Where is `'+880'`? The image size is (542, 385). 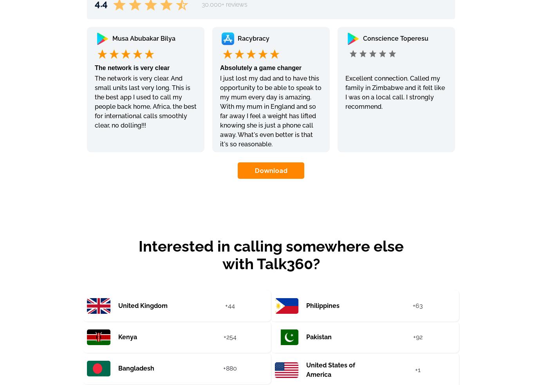
'+880' is located at coordinates (229, 368).